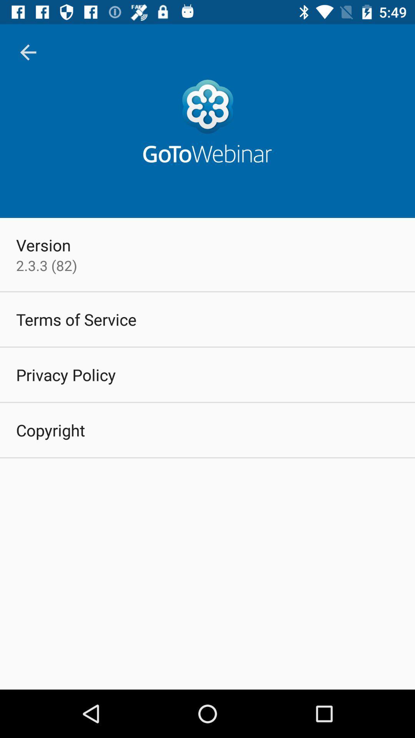 The width and height of the screenshot is (415, 738). Describe the element at coordinates (65, 374) in the screenshot. I see `the icon above the copyright item` at that location.